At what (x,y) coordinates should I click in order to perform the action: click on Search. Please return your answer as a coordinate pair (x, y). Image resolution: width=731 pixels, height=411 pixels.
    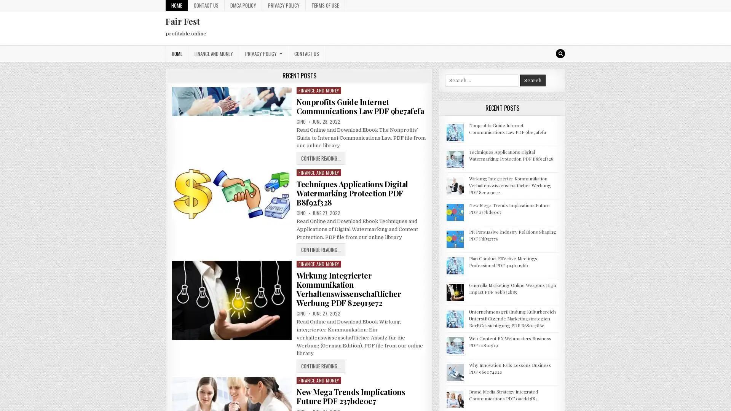
    Looking at the image, I should click on (532, 80).